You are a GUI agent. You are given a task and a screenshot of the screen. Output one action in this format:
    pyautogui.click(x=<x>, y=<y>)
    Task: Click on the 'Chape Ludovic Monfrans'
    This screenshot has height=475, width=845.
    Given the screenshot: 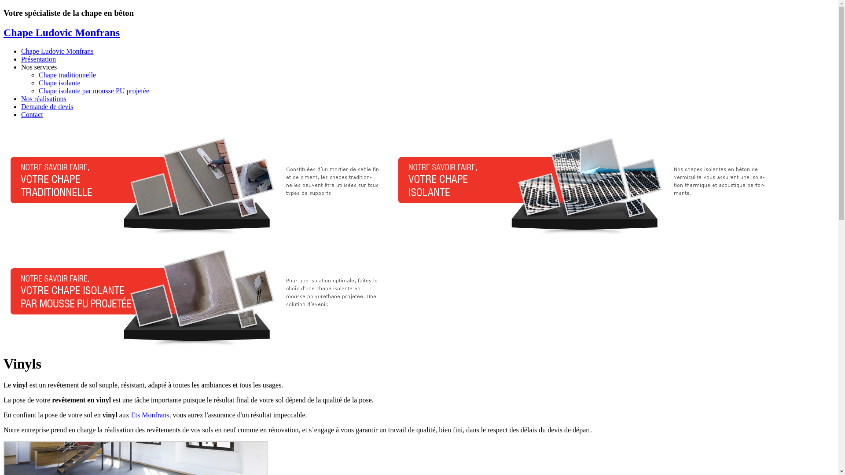 What is the action you would take?
    pyautogui.click(x=56, y=51)
    